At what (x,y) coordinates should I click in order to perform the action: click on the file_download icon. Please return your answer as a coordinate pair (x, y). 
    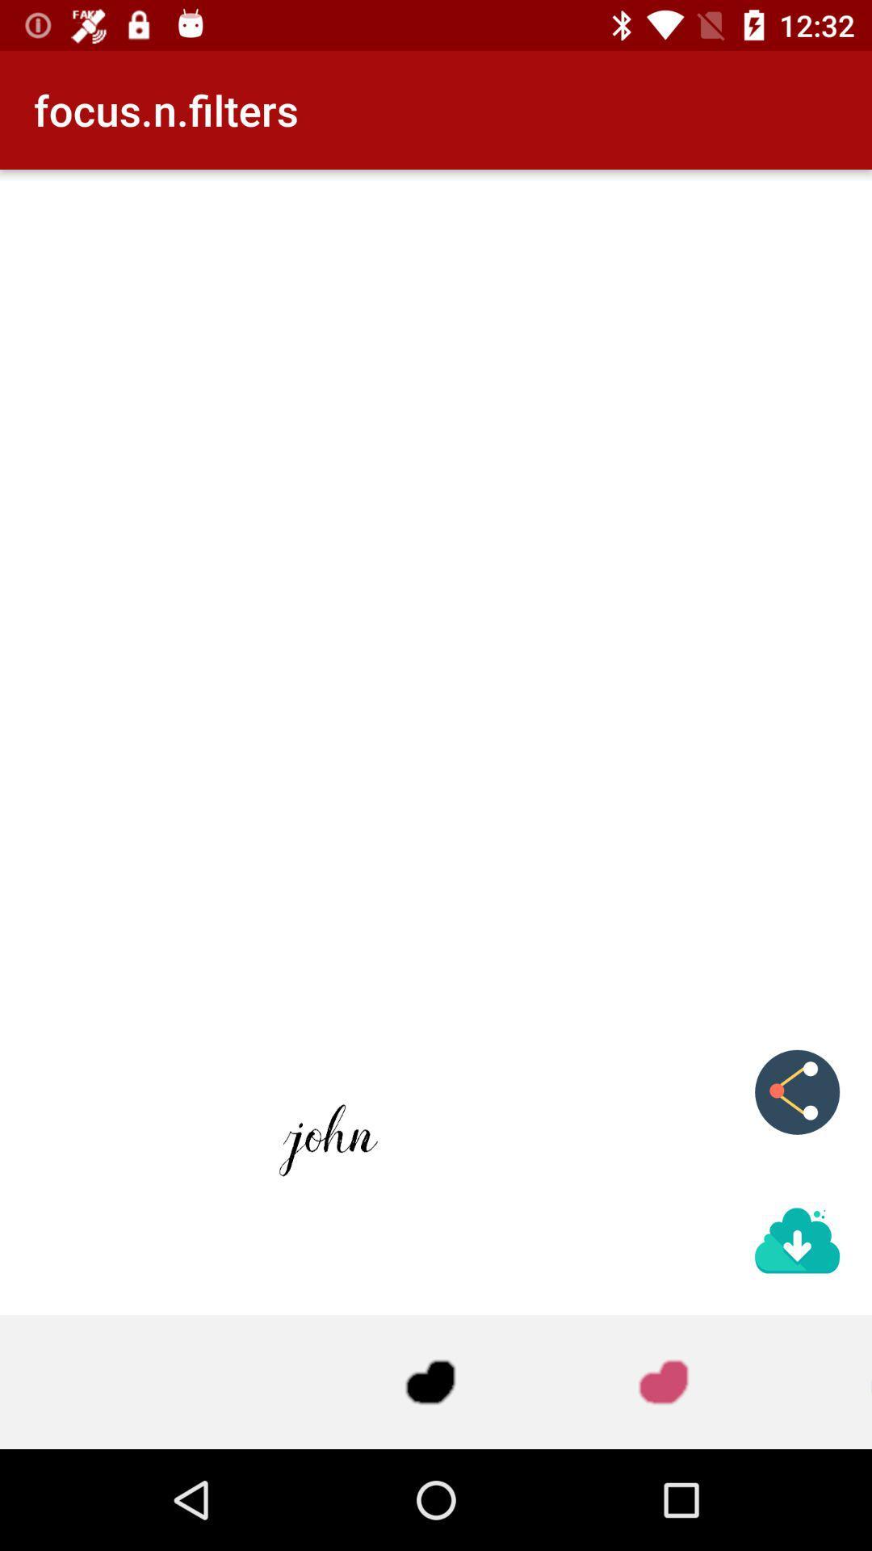
    Looking at the image, I should click on (796, 1240).